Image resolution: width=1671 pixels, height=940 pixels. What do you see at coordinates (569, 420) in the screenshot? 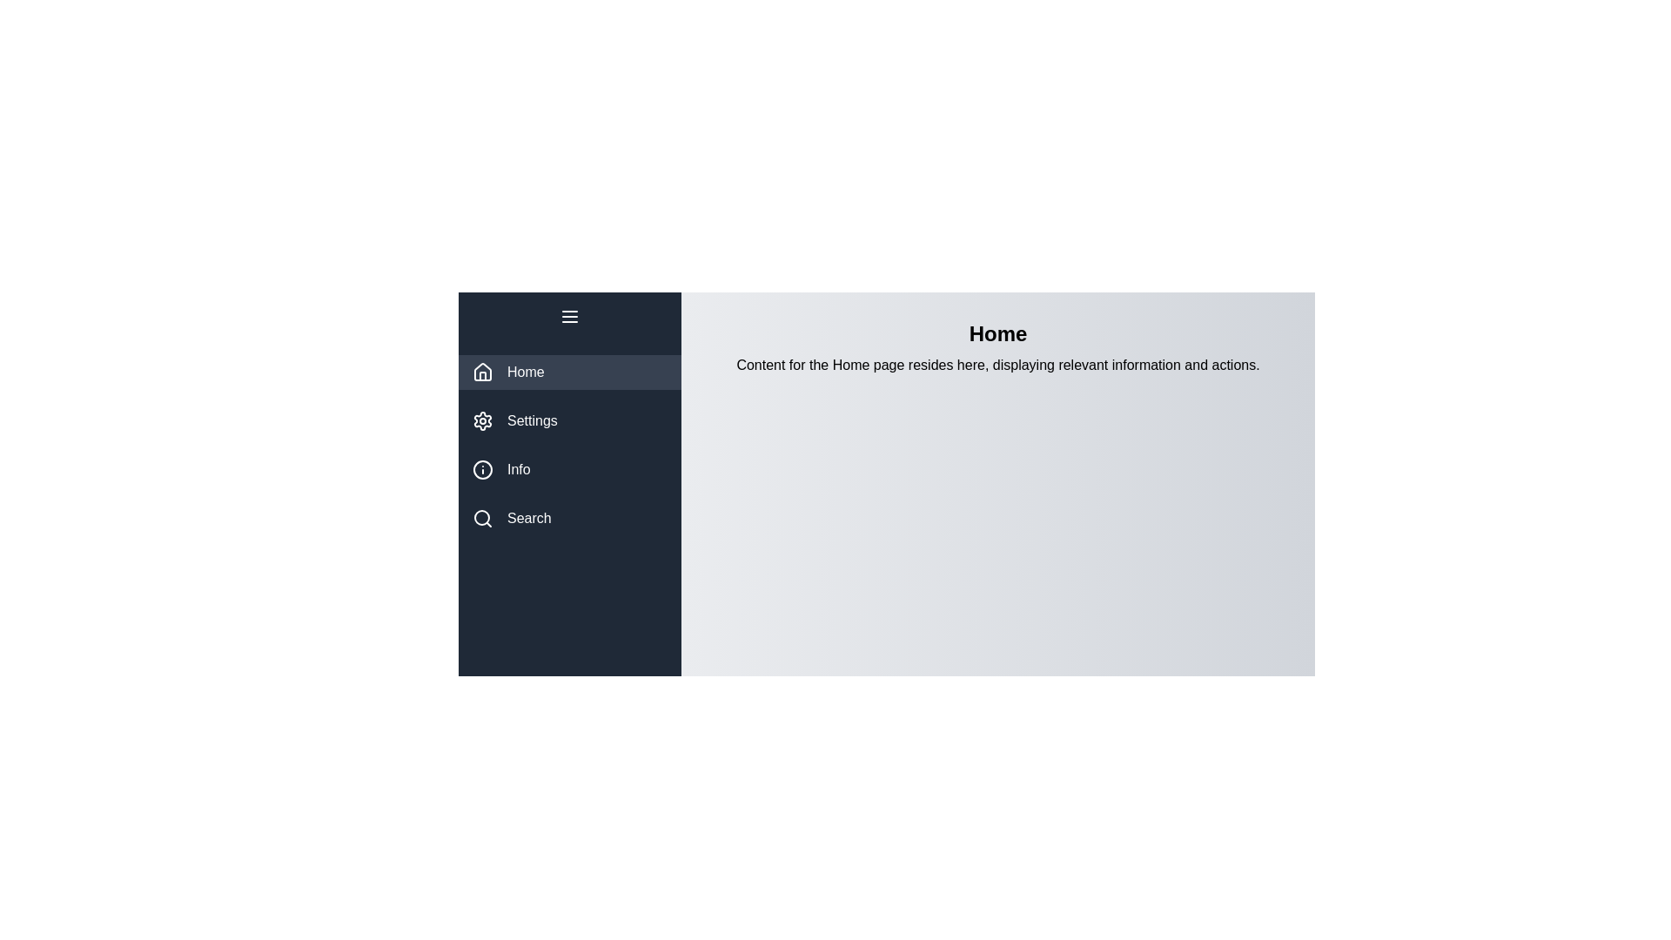
I see `the tab Settings from the menu` at bounding box center [569, 420].